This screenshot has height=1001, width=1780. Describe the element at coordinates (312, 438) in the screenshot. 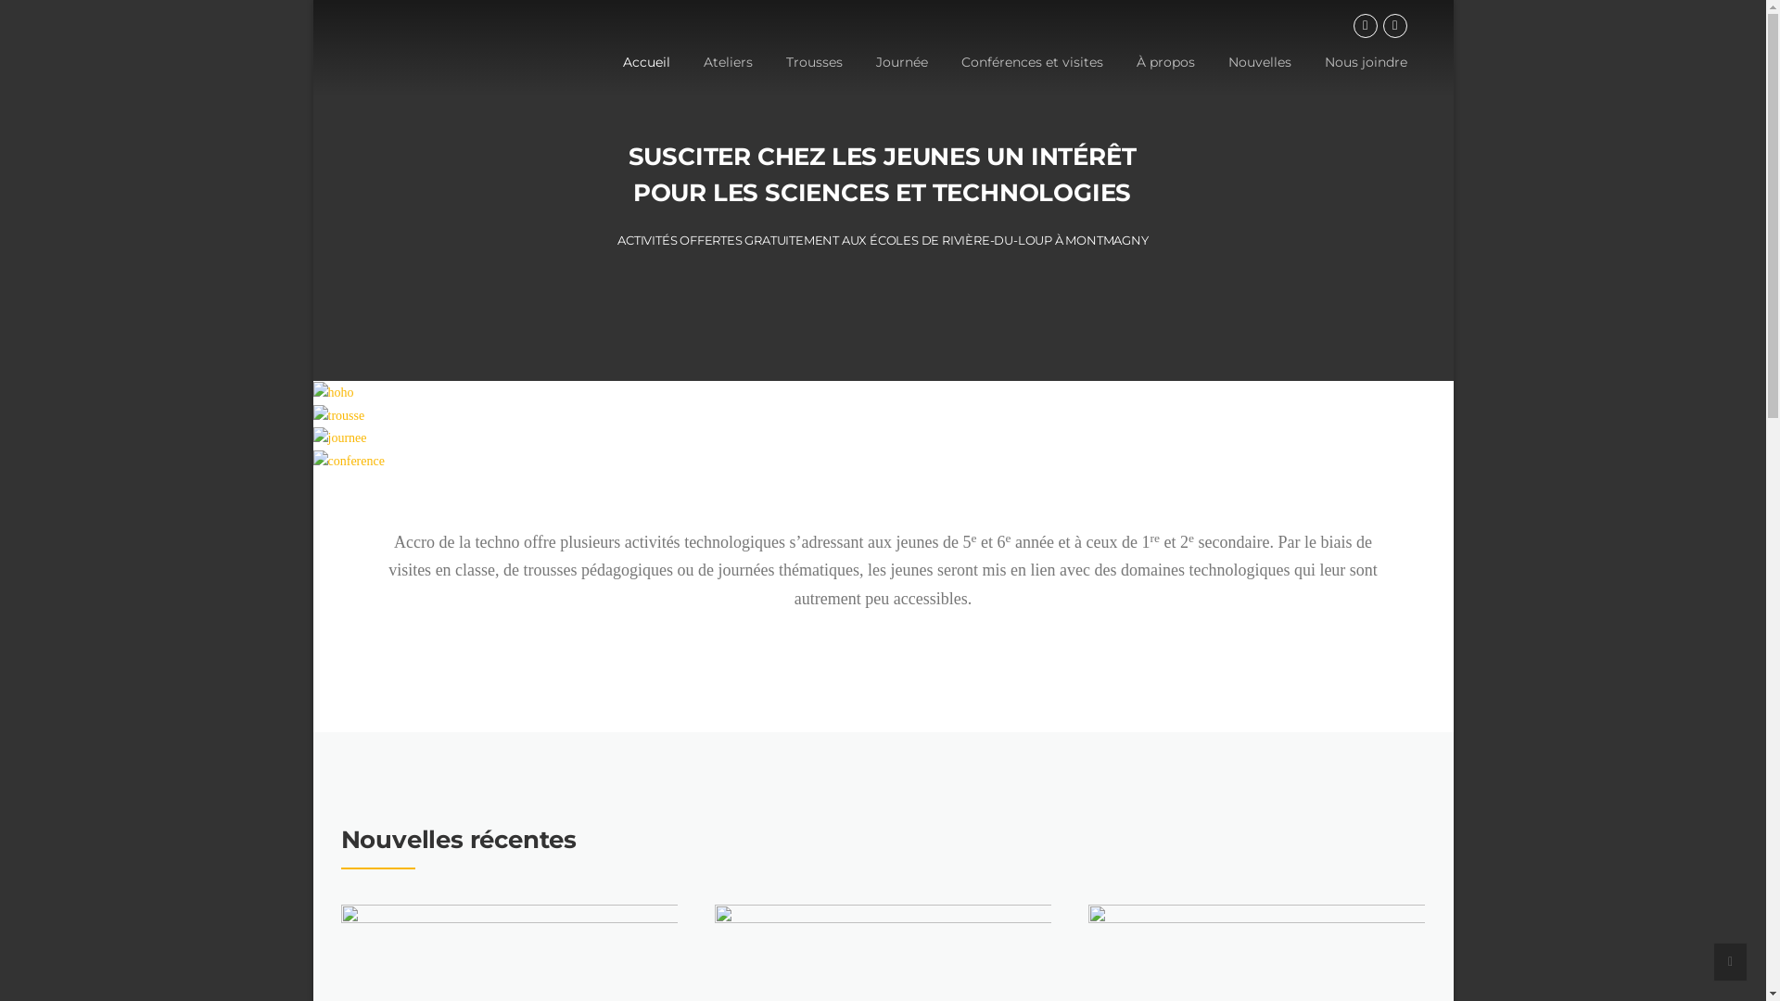

I see `'journee'` at that location.